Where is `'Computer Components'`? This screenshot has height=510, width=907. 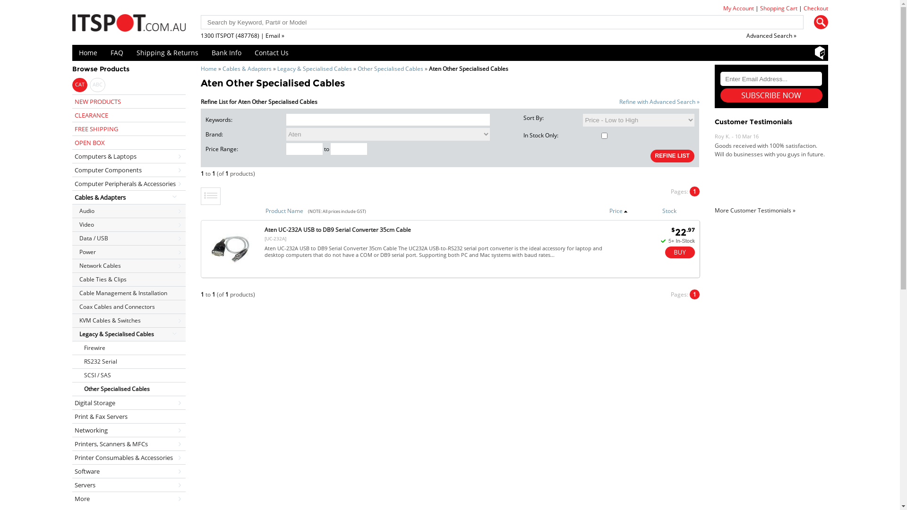
'Computer Components' is located at coordinates (128, 169).